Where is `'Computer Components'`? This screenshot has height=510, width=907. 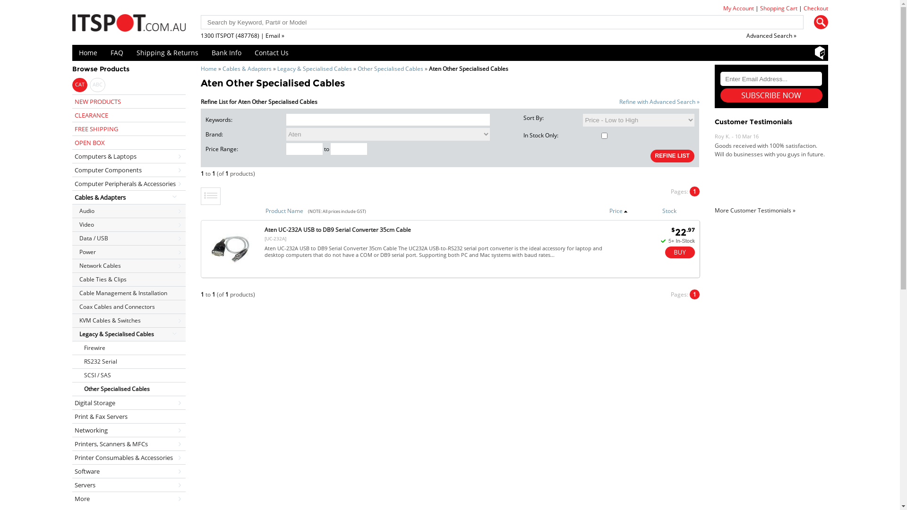
'Computer Components' is located at coordinates (128, 169).